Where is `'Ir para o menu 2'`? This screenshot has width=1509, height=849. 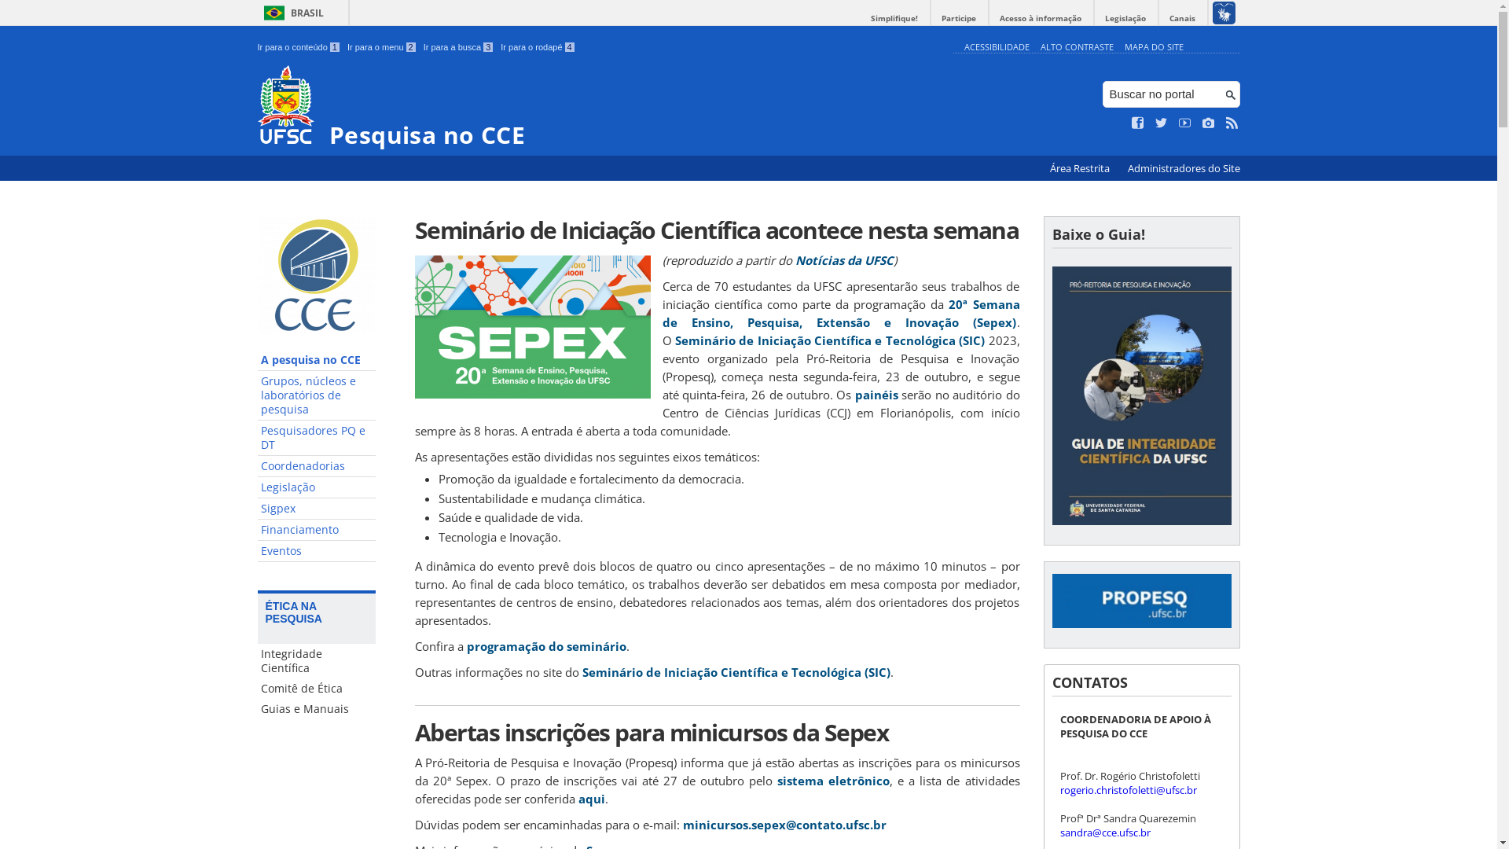
'Ir para o menu 2' is located at coordinates (381, 46).